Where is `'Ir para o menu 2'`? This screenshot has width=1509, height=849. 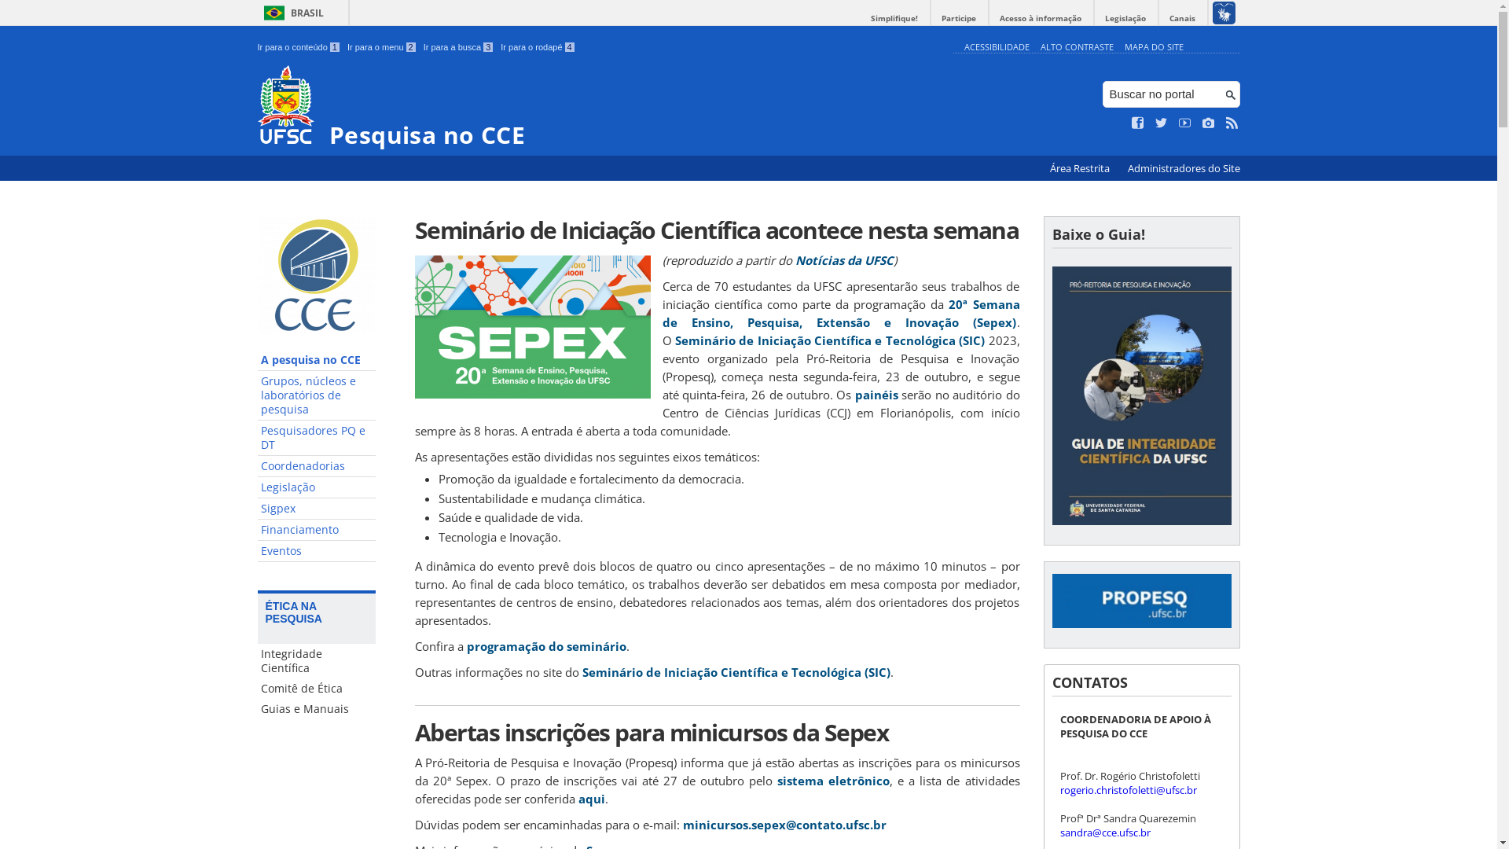
'Ir para o menu 2' is located at coordinates (381, 46).